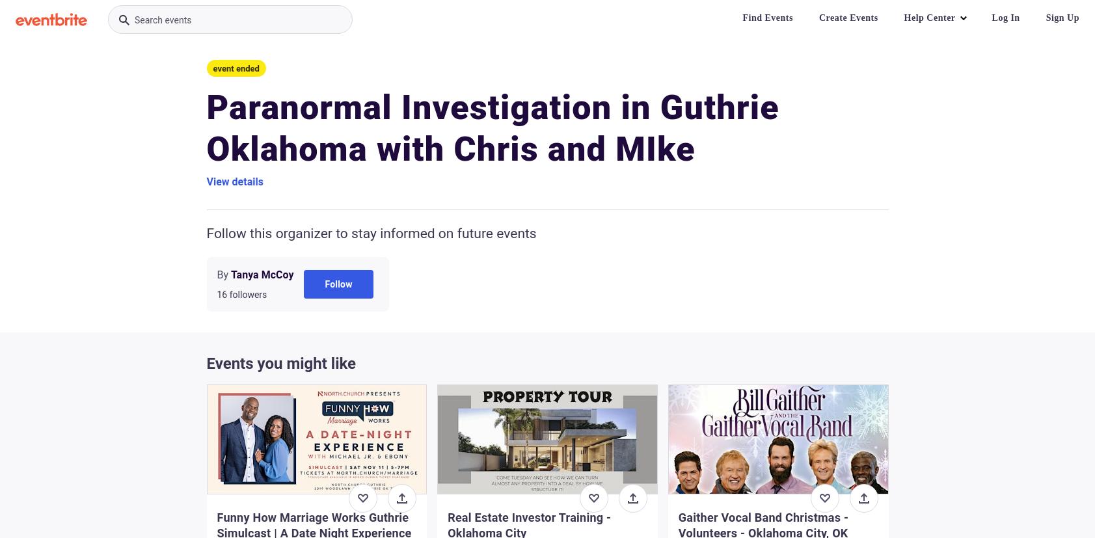  Describe the element at coordinates (325, 282) in the screenshot. I see `'Follow'` at that location.